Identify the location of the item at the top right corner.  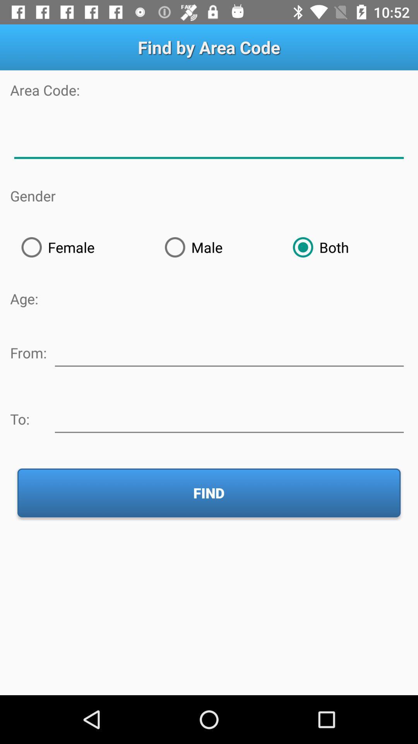
(344, 247).